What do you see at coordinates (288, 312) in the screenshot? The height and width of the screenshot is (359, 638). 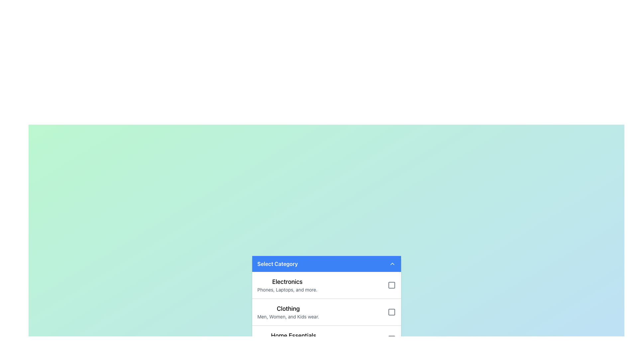 I see `the 'Clothing' category descriptor element located below the 'Select Category' header and after the 'Electronics' section in the categorization interface` at bounding box center [288, 312].